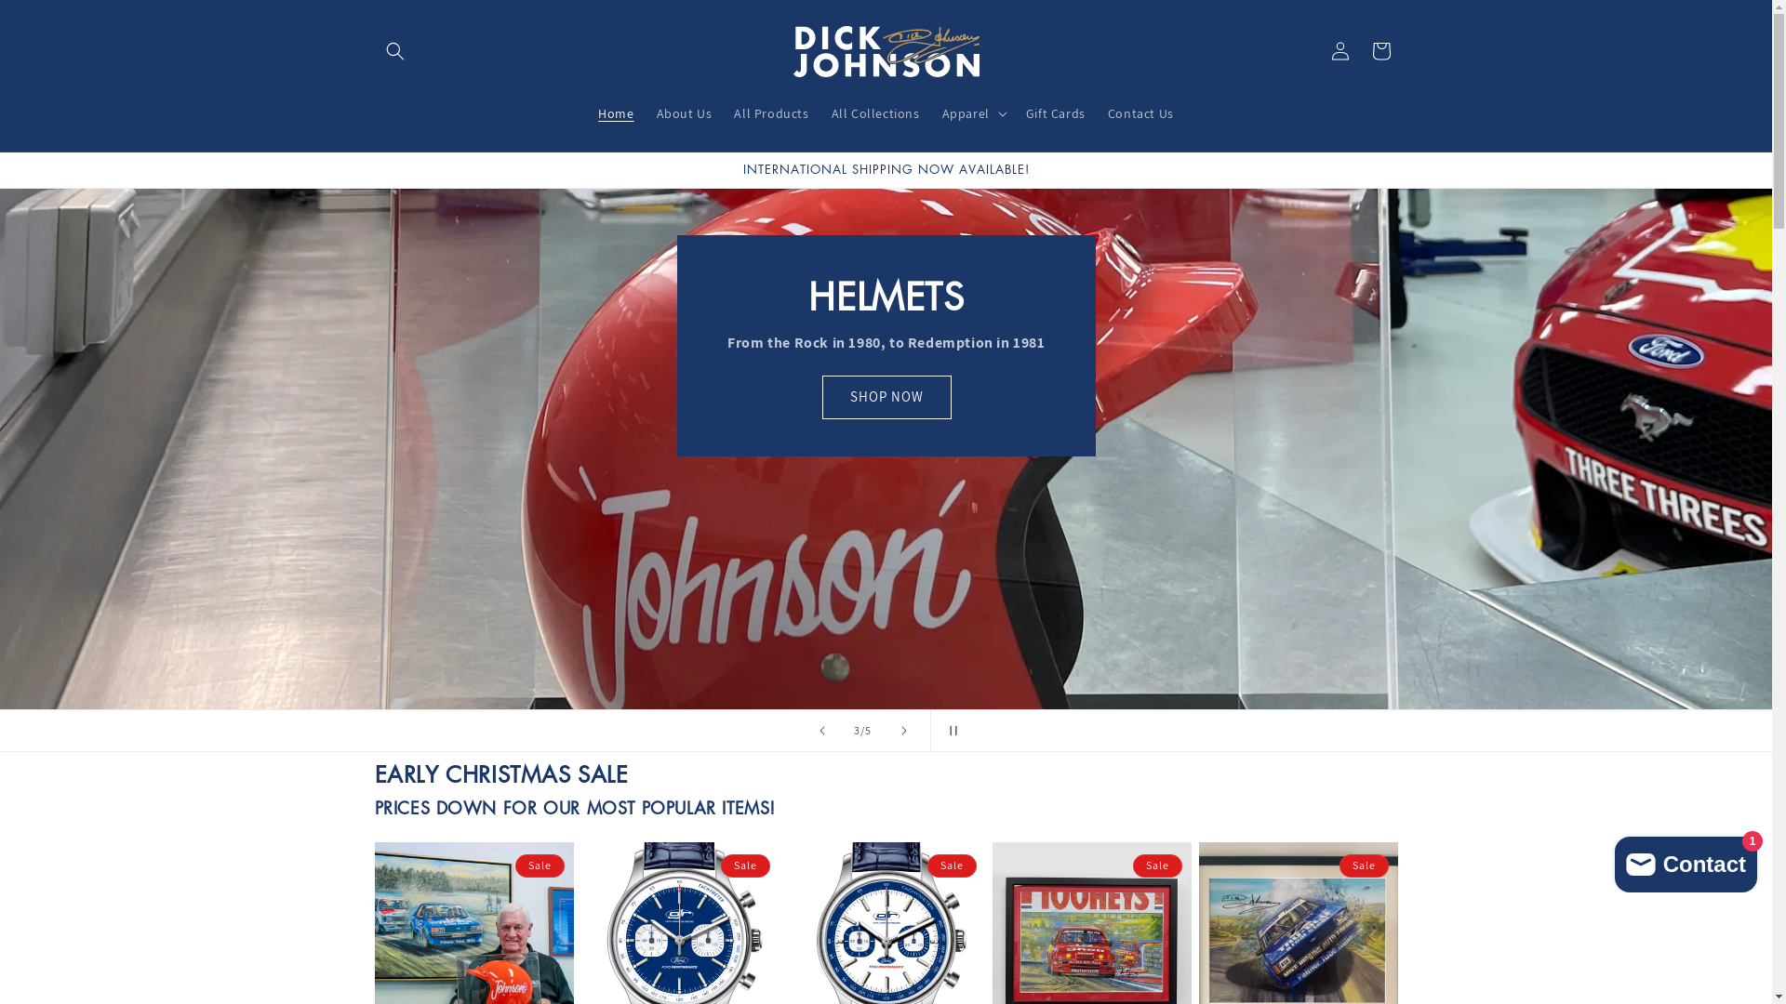 The height and width of the screenshot is (1004, 1786). I want to click on 'Gift Cards', so click(1013, 113).